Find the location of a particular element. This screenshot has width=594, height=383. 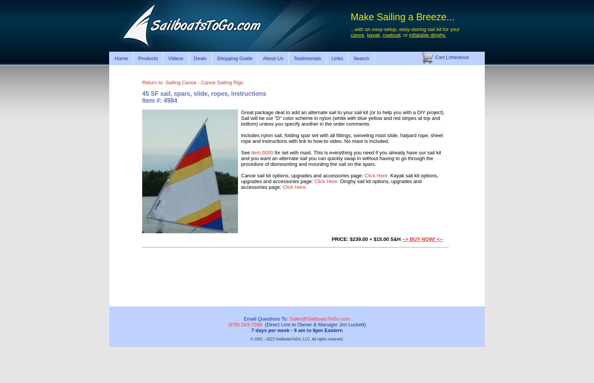

'Search' is located at coordinates (361, 58).